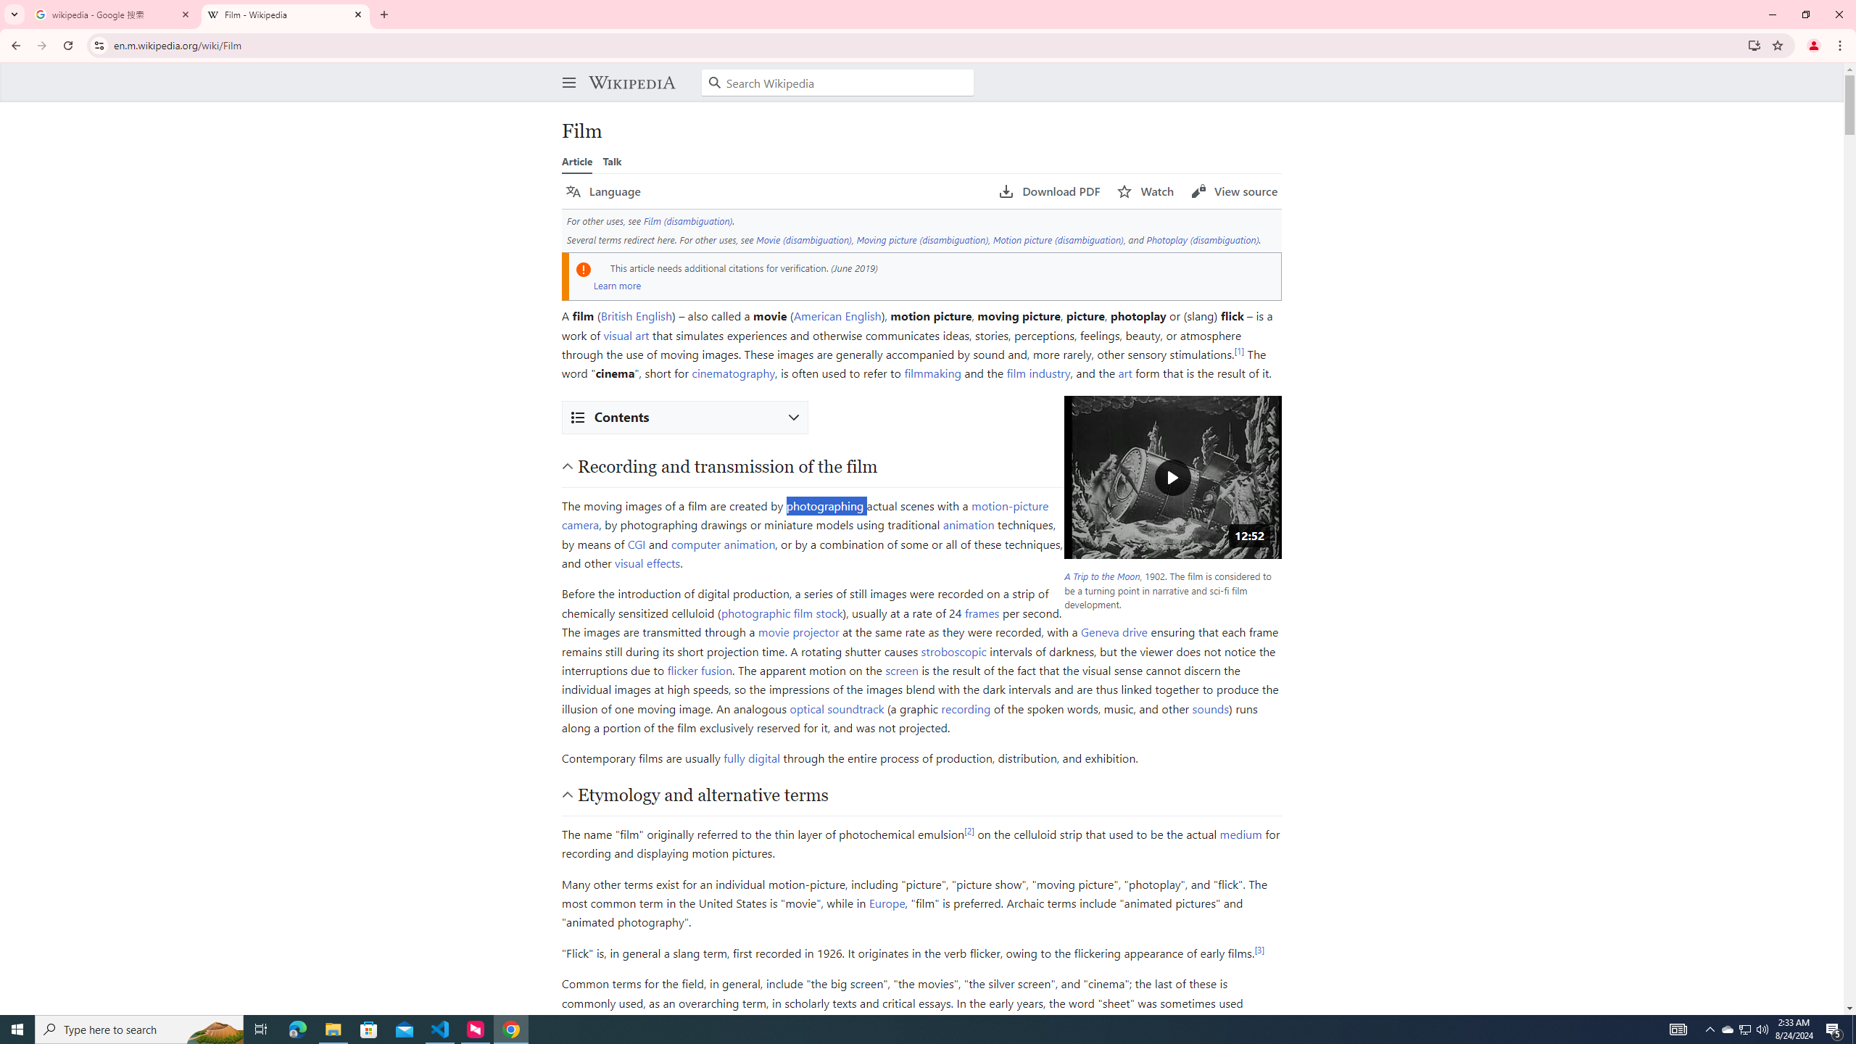 This screenshot has height=1044, width=1856. I want to click on 'Search Wikipedia', so click(837, 83).